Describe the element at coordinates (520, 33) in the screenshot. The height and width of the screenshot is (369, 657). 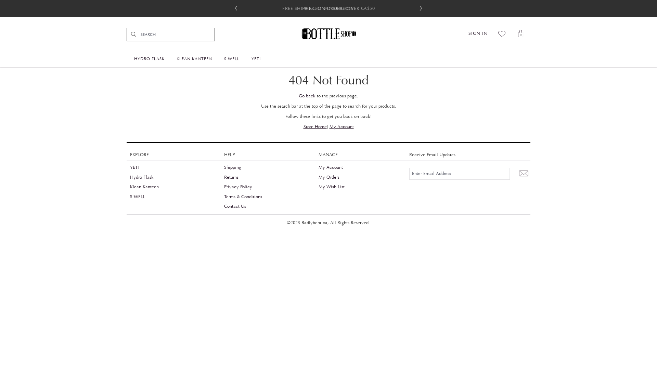
I see `'0'` at that location.